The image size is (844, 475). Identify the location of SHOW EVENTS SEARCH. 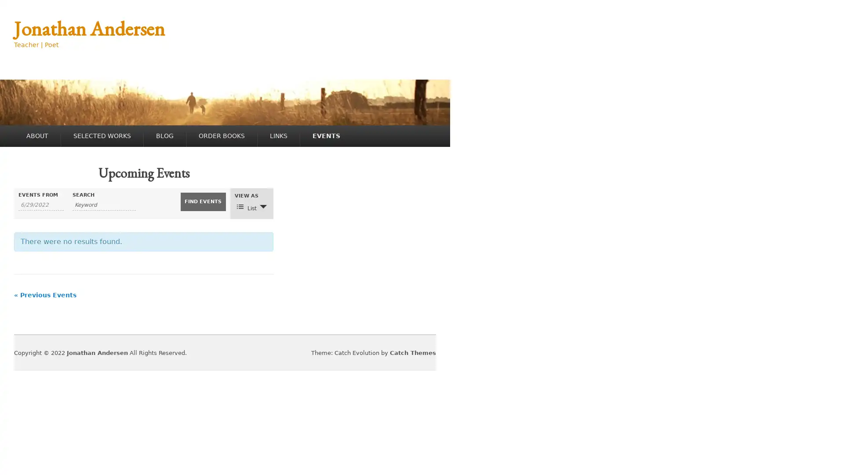
(143, 201).